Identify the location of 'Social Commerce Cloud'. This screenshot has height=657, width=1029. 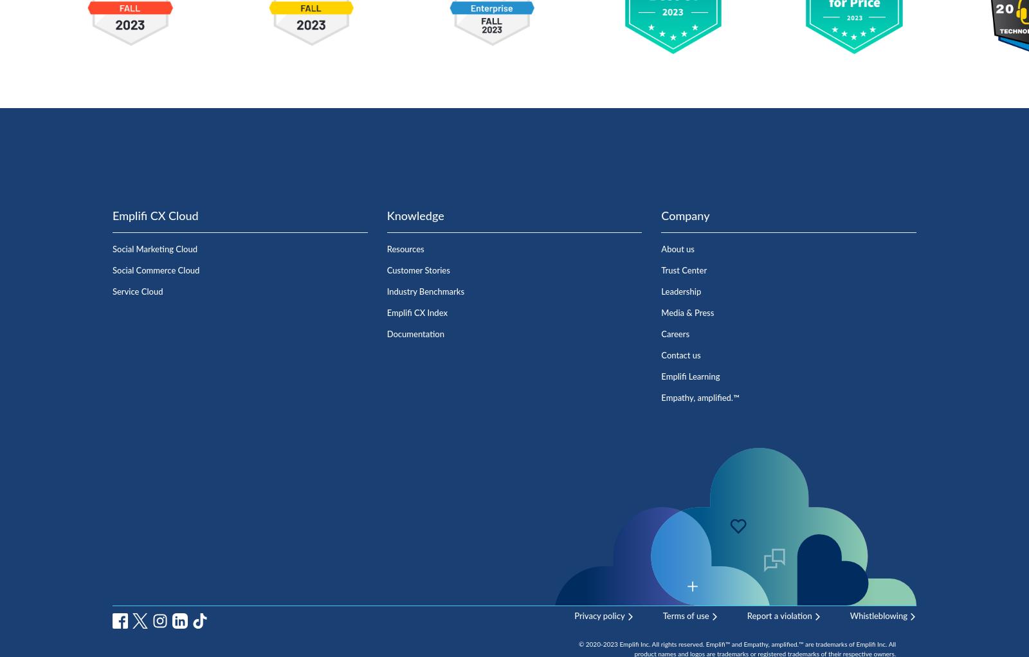
(112, 270).